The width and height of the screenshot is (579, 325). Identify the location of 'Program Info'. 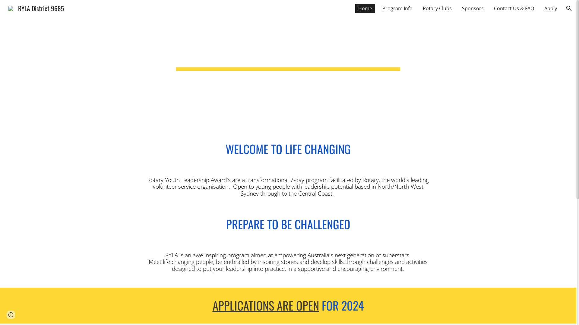
(397, 8).